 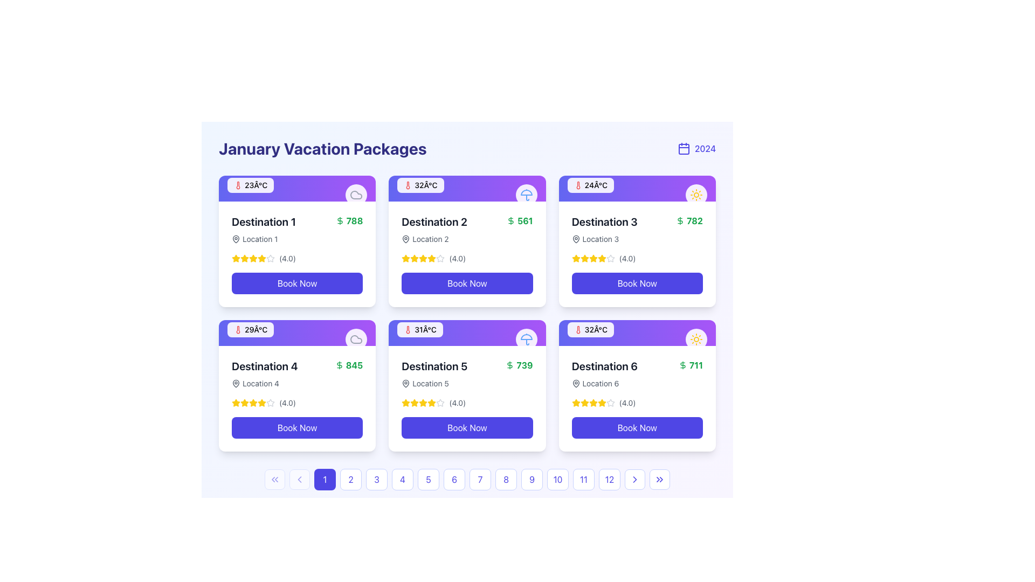 I want to click on the fourth star icon in the star rating system beneath the 'Destination 4' card, so click(x=261, y=403).